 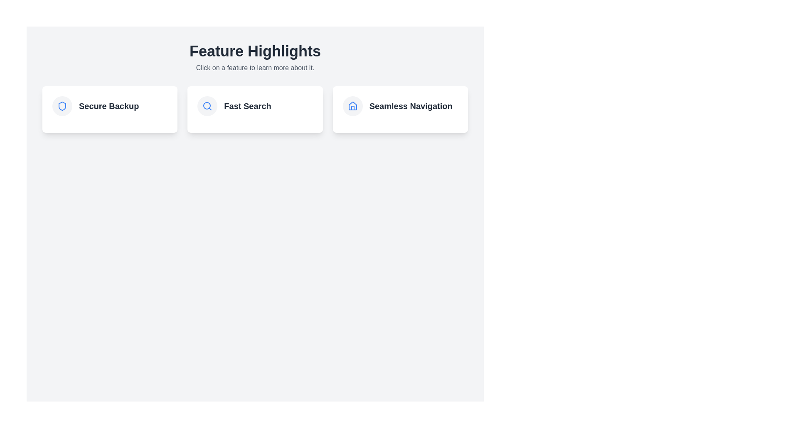 What do you see at coordinates (108, 105) in the screenshot?
I see `text label displaying 'Secure Backup', which is bold and positioned within a white card, adjacent to a shield icon` at bounding box center [108, 105].